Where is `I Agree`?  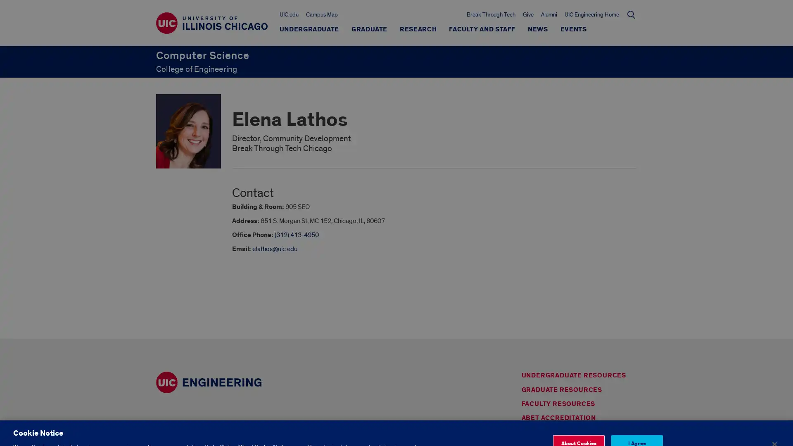
I Agree is located at coordinates (636, 421).